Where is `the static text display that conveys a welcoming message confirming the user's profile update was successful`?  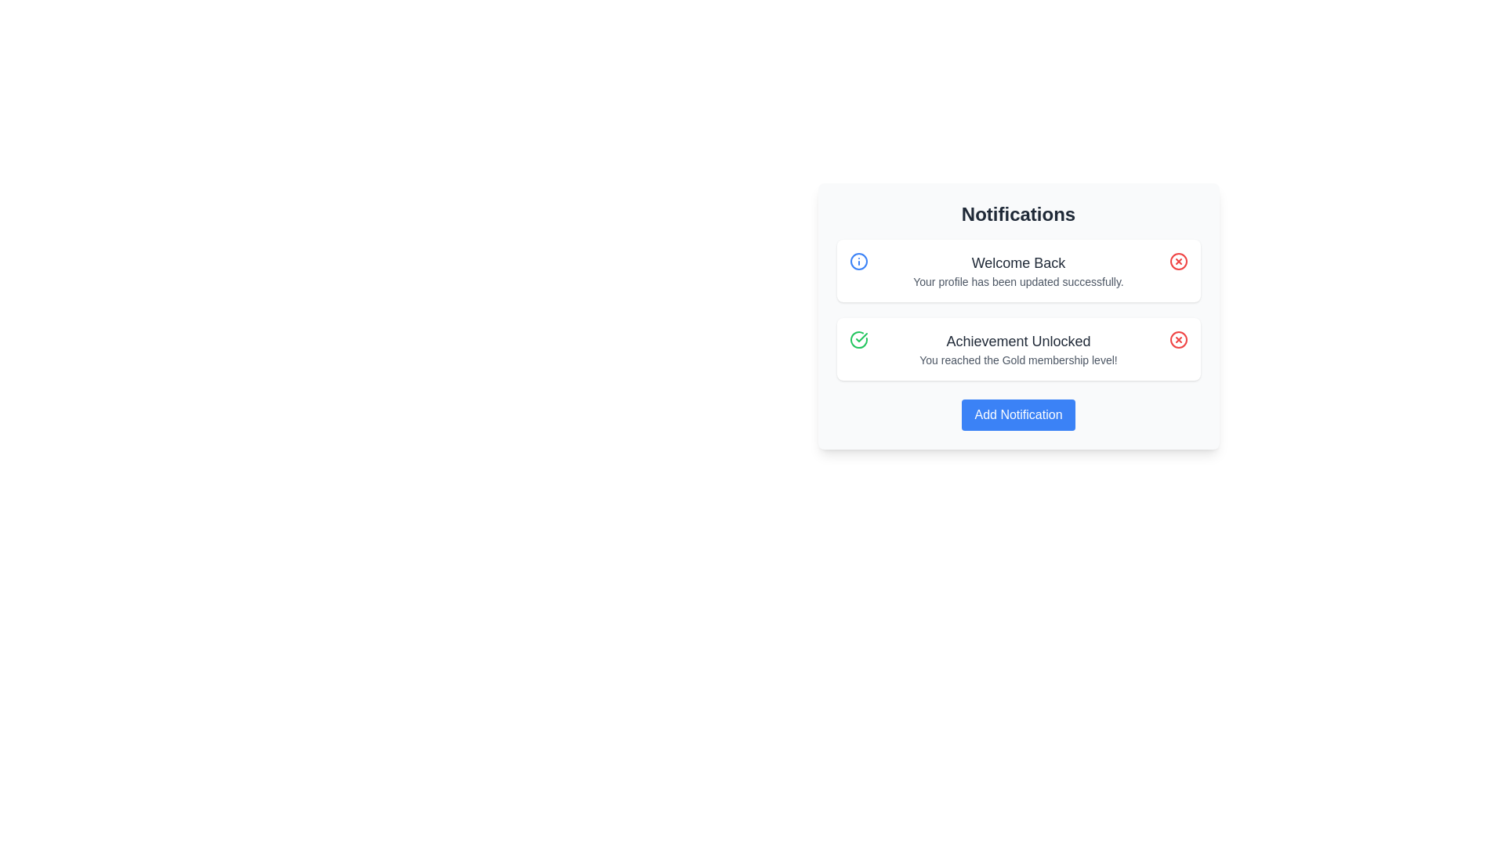 the static text display that conveys a welcoming message confirming the user's profile update was successful is located at coordinates (1018, 270).